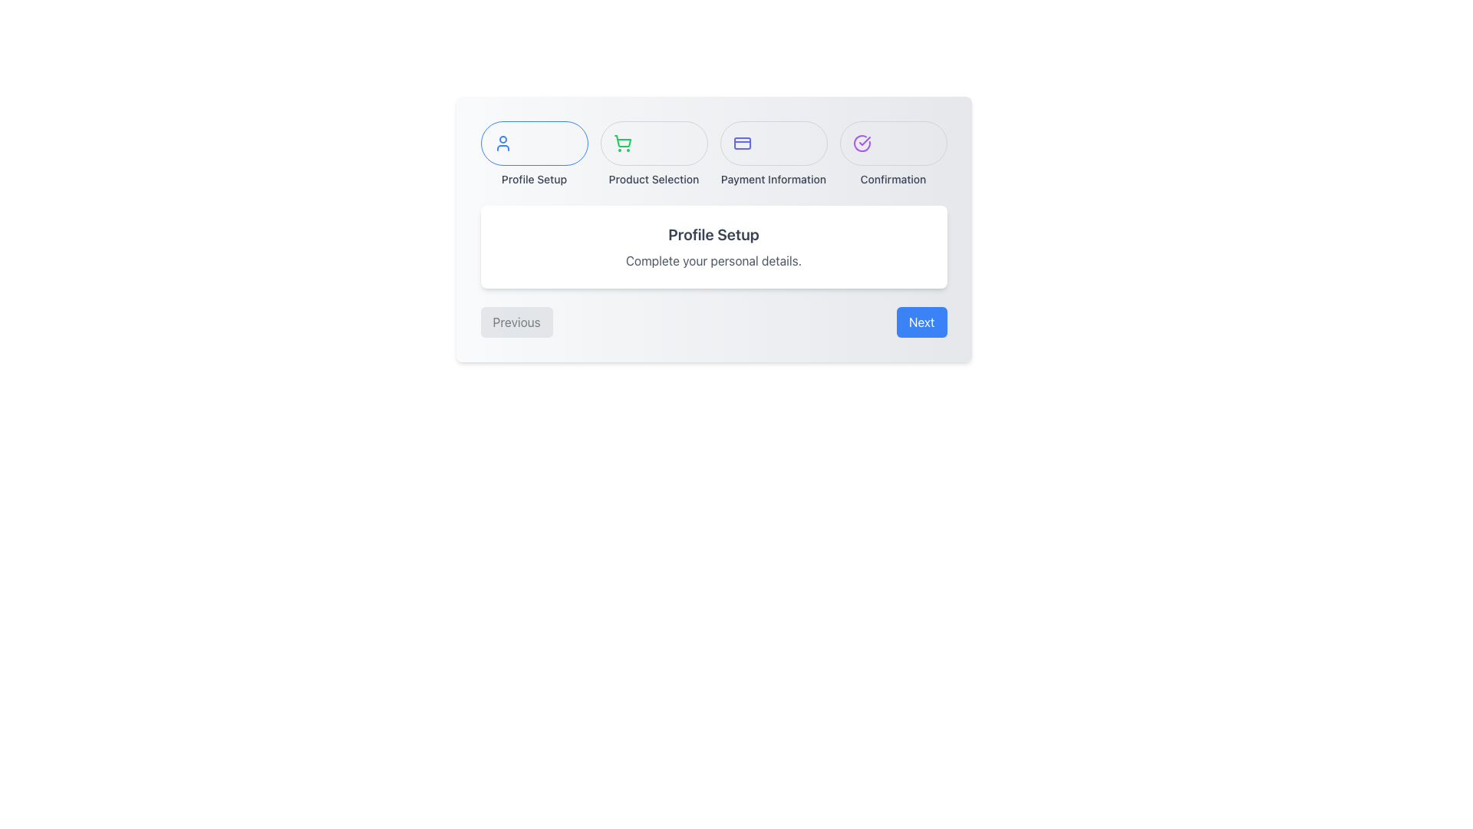  Describe the element at coordinates (534, 179) in the screenshot. I see `the text label that describes the 'Profile Setup' navigation step, located below the user profile icon` at that location.